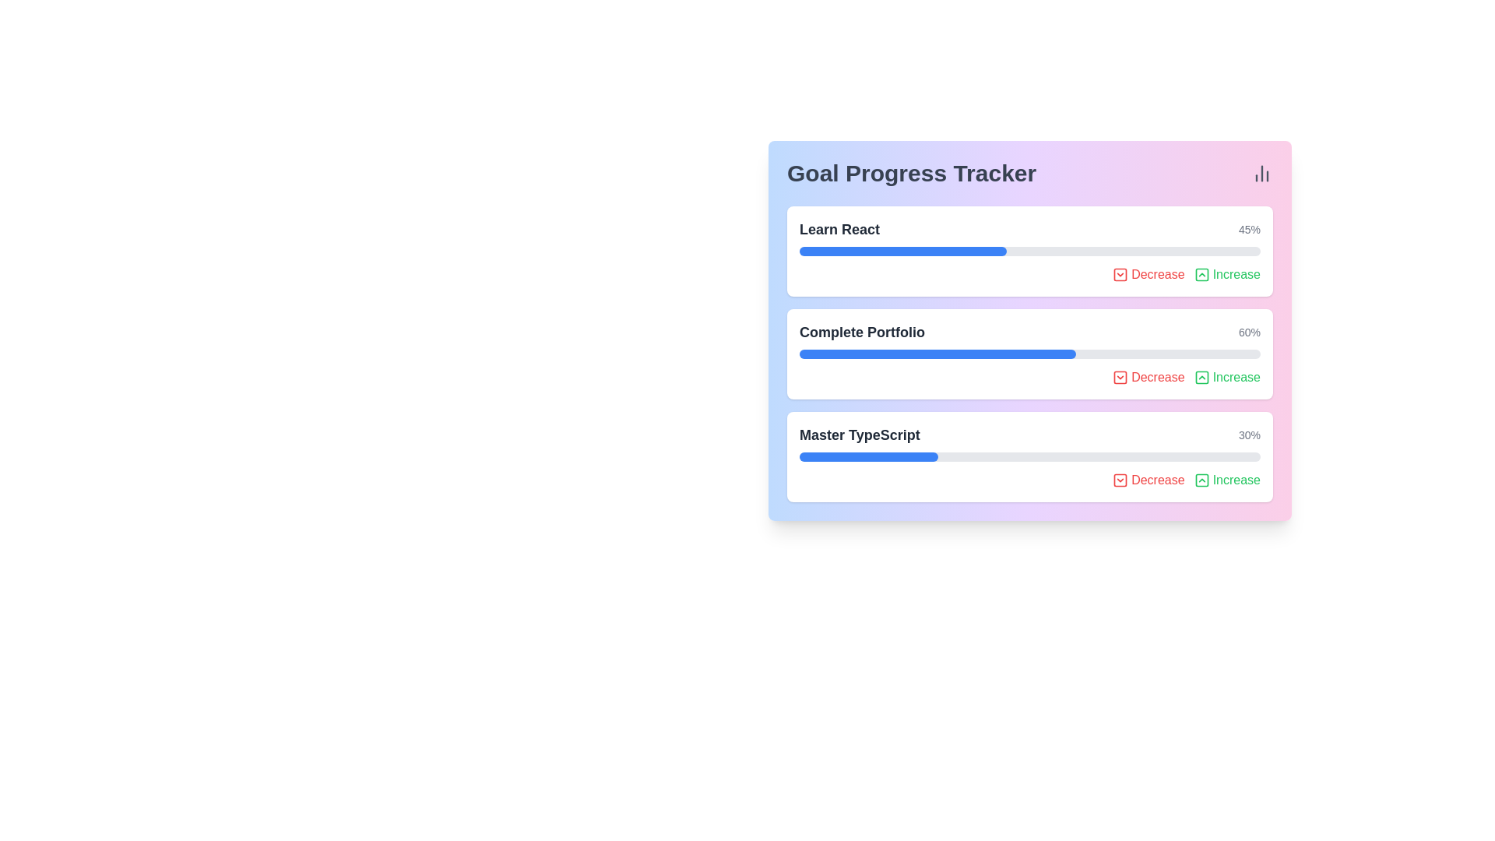 Image resolution: width=1495 pixels, height=841 pixels. Describe the element at coordinates (1030, 354) in the screenshot. I see `the progress bar that visually represents the completion percentage of the 'Complete Portfolio' task, located below the 'Complete Portfolio' text label and above the 'Increase' and 'Decrease' buttons` at that location.